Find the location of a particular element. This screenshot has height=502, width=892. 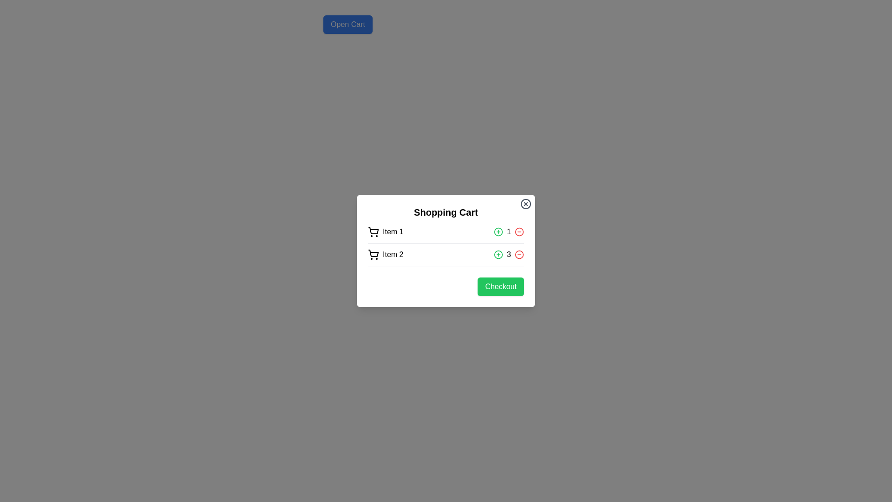

the text label reading 'Item 2' is located at coordinates (386, 254).